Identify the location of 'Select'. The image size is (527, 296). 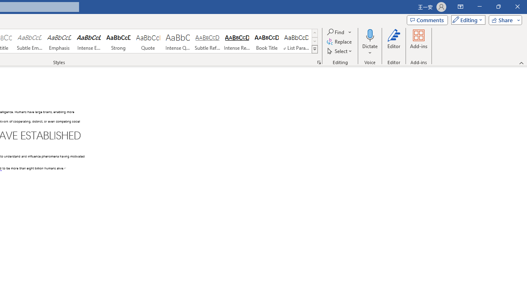
(340, 51).